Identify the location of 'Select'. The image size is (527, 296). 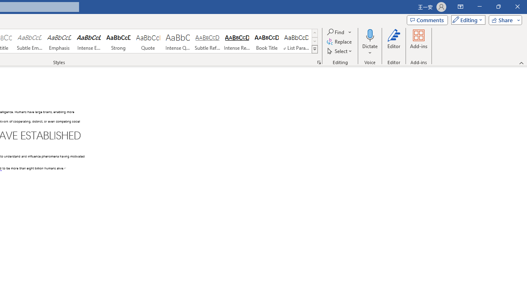
(340, 51).